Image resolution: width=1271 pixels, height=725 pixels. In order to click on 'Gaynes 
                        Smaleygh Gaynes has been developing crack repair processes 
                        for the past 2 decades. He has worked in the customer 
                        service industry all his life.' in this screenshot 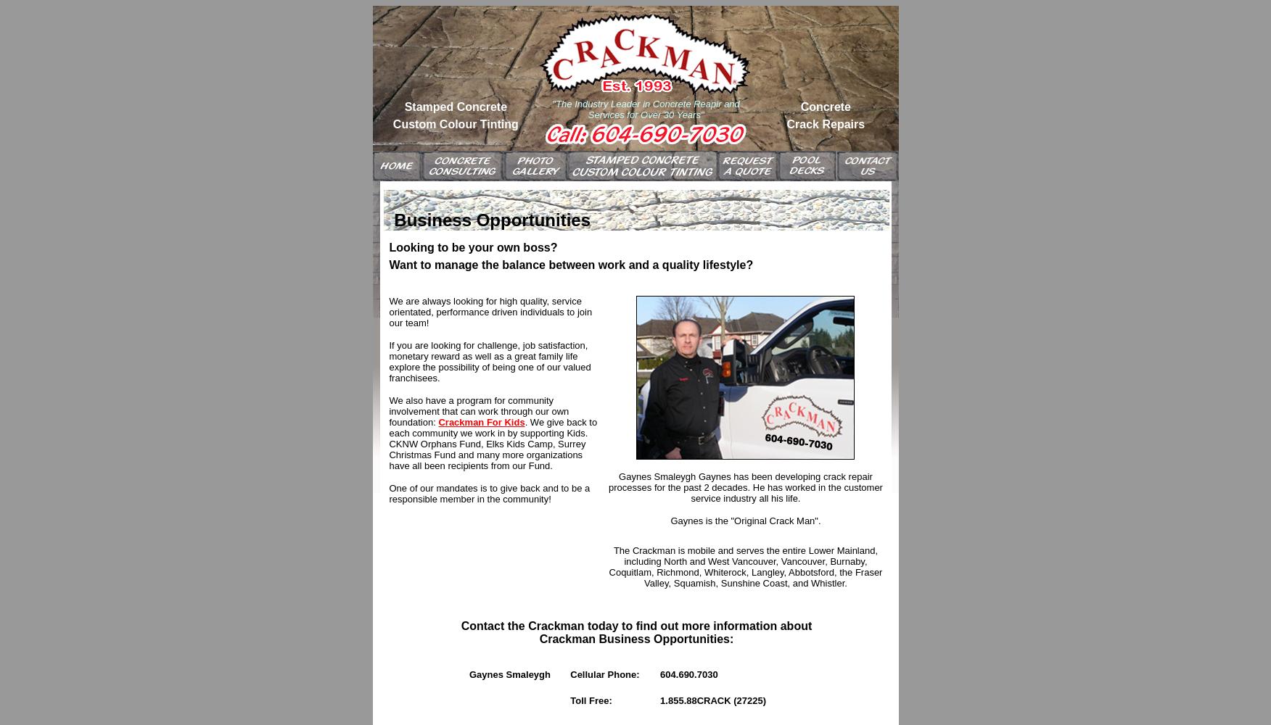, I will do `click(745, 487)`.